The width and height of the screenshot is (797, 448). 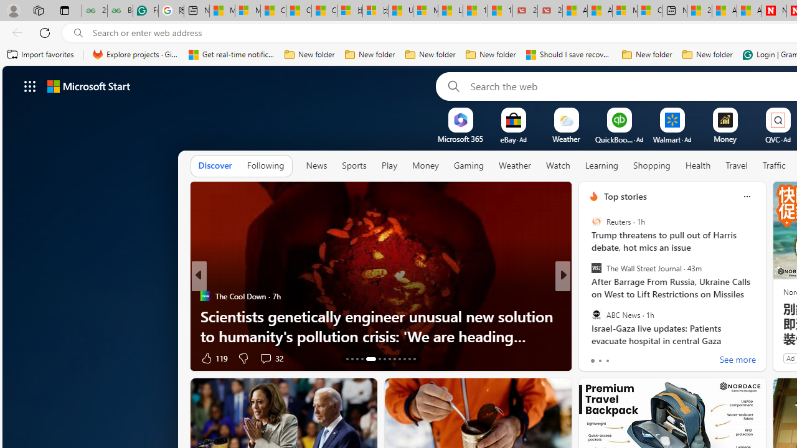 I want to click on 'AutomationID: tab-14', so click(x=351, y=359).